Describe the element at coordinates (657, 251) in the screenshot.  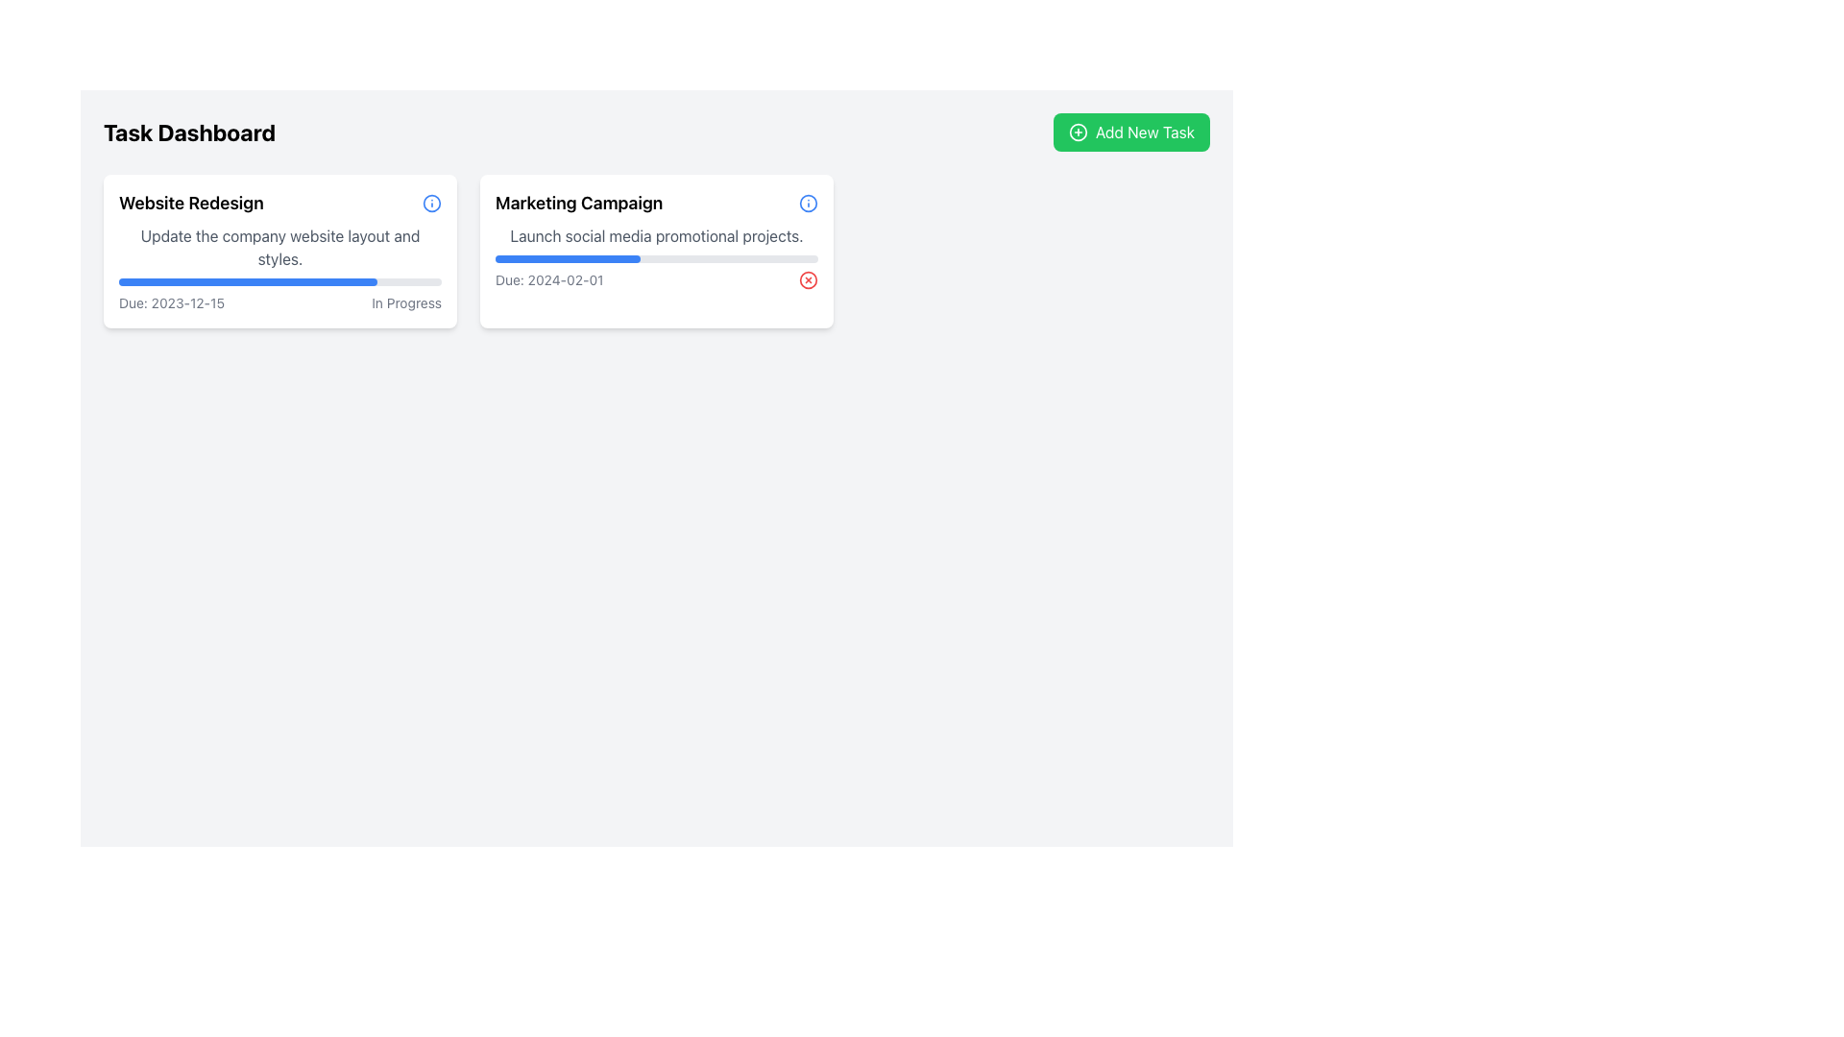
I see `the second task card in the grid layout to see task details` at that location.